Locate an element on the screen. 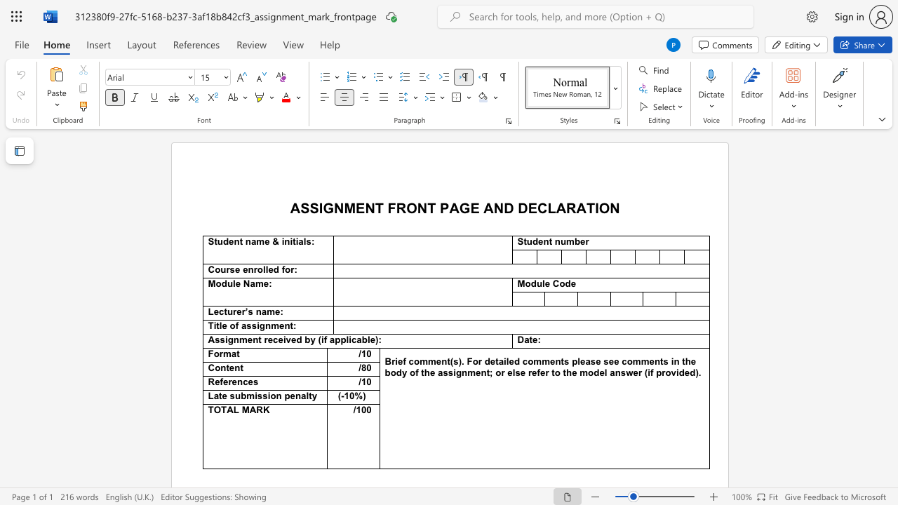 This screenshot has width=898, height=505. the 1th character "e" in the text is located at coordinates (540, 241).